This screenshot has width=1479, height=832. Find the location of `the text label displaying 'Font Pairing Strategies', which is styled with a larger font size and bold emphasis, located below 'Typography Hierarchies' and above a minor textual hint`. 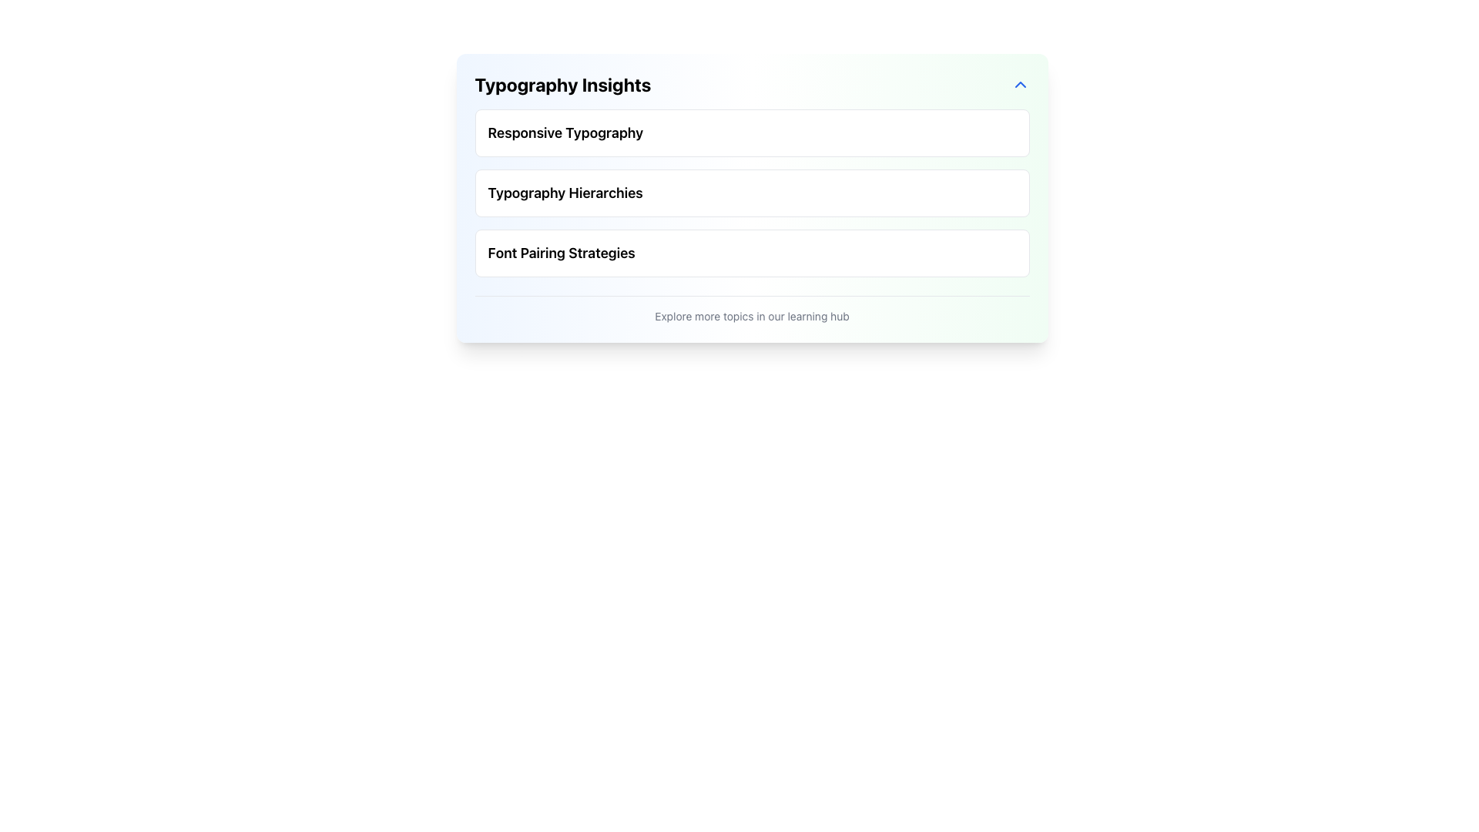

the text label displaying 'Font Pairing Strategies', which is styled with a larger font size and bold emphasis, located below 'Typography Hierarchies' and above a minor textual hint is located at coordinates (561, 252).